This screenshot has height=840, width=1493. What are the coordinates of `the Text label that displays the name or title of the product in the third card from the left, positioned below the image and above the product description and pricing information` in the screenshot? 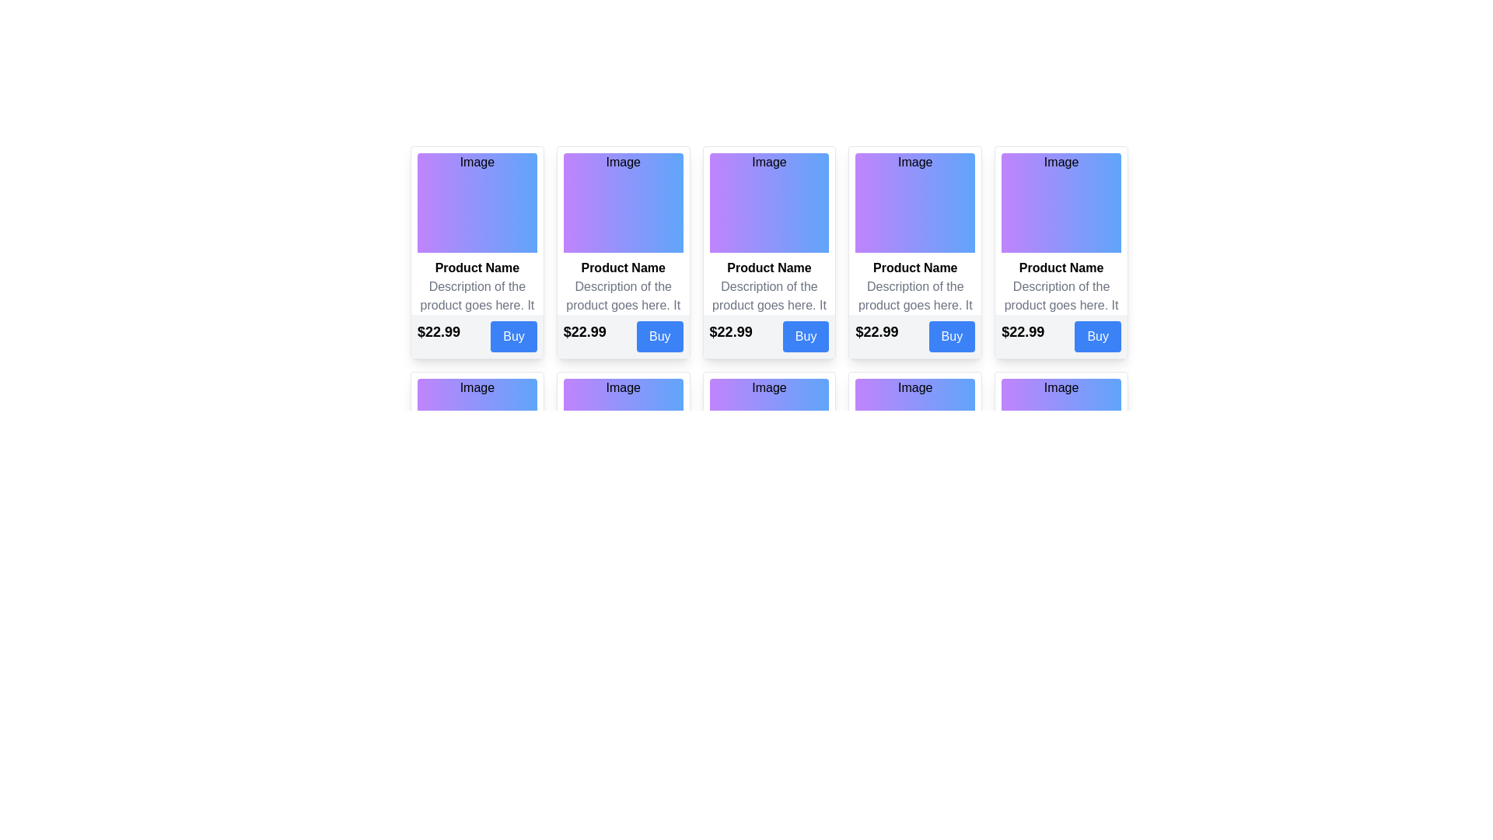 It's located at (769, 267).